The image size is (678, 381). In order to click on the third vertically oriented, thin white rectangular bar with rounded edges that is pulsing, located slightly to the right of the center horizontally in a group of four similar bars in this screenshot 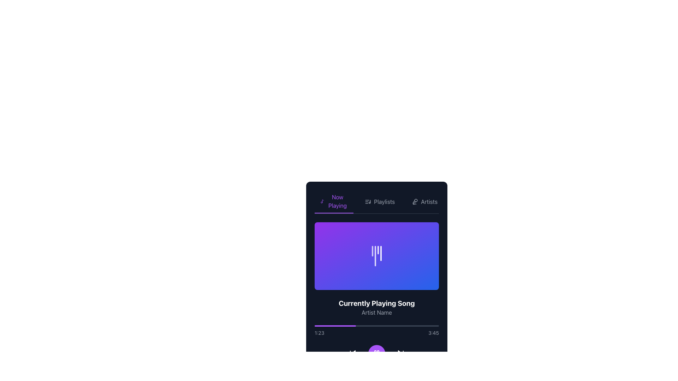, I will do `click(377, 249)`.